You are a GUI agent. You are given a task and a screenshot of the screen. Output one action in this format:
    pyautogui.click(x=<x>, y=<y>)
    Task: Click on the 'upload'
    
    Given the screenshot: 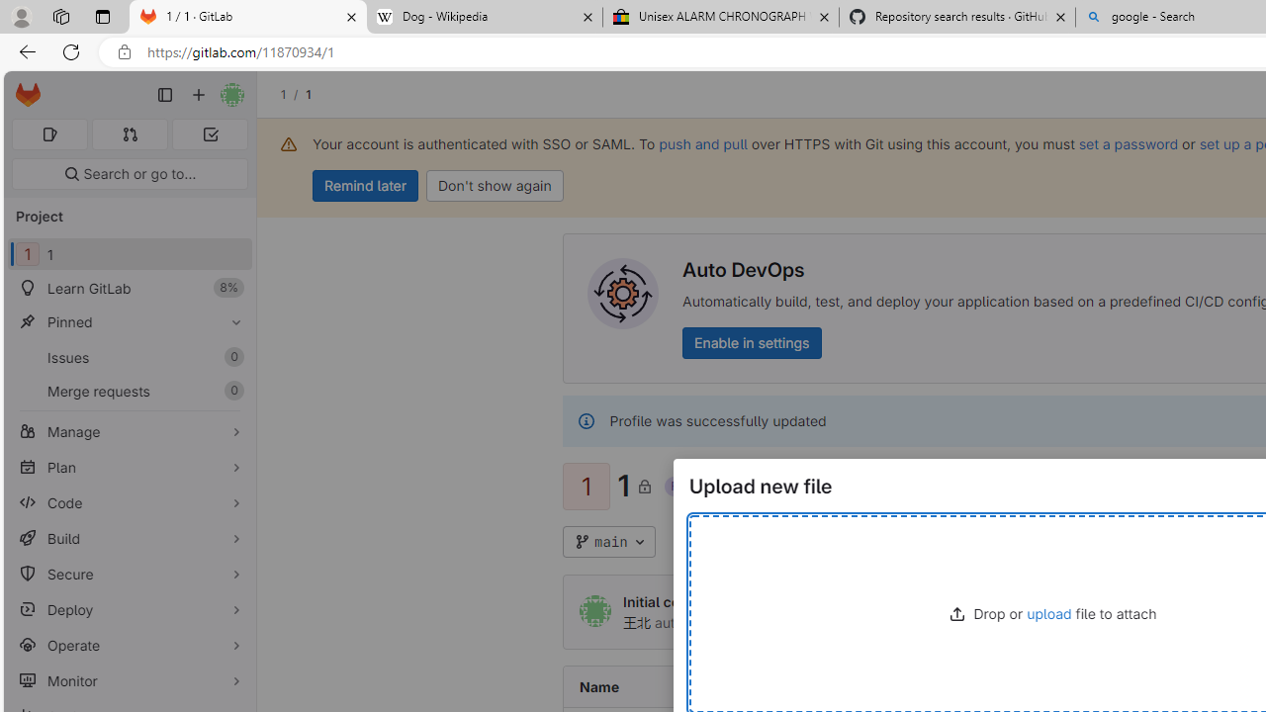 What is the action you would take?
    pyautogui.click(x=1048, y=612)
    